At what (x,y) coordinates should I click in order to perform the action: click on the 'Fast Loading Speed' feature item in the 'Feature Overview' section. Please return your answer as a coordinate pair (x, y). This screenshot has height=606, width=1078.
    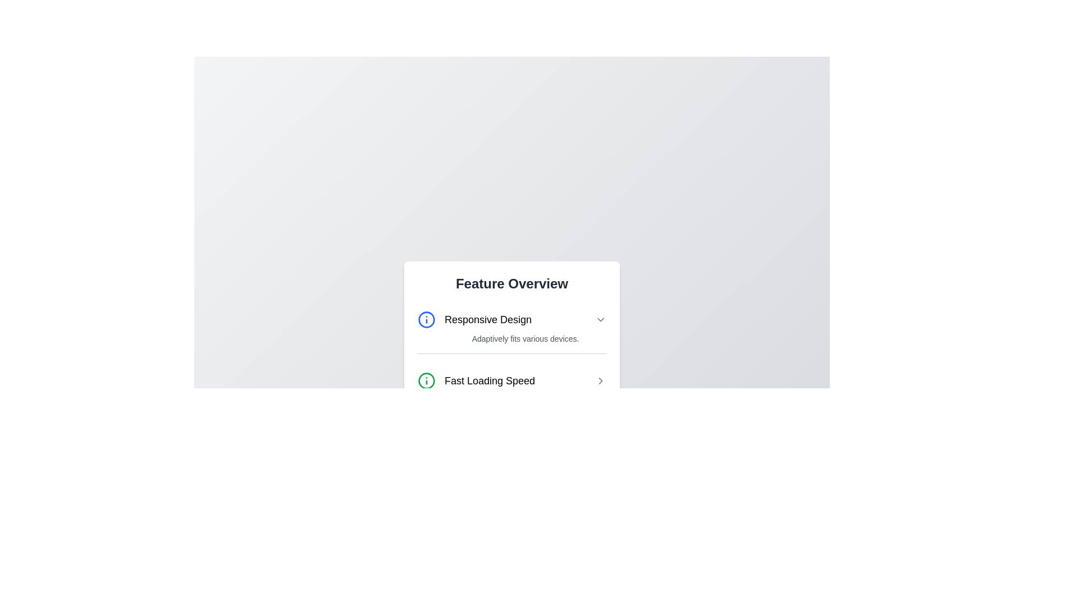
    Looking at the image, I should click on (511, 380).